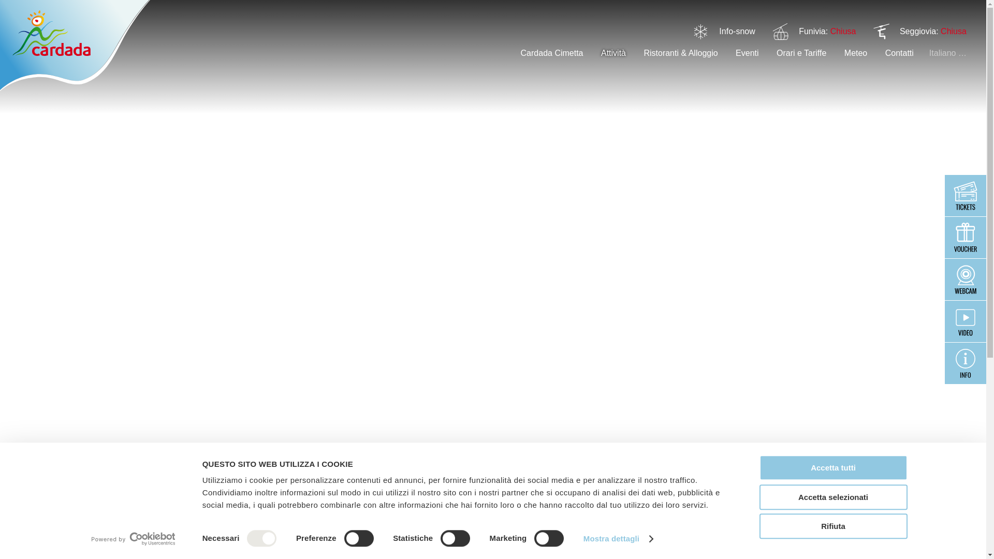 This screenshot has width=994, height=559. I want to click on 'Info', so click(965, 363).